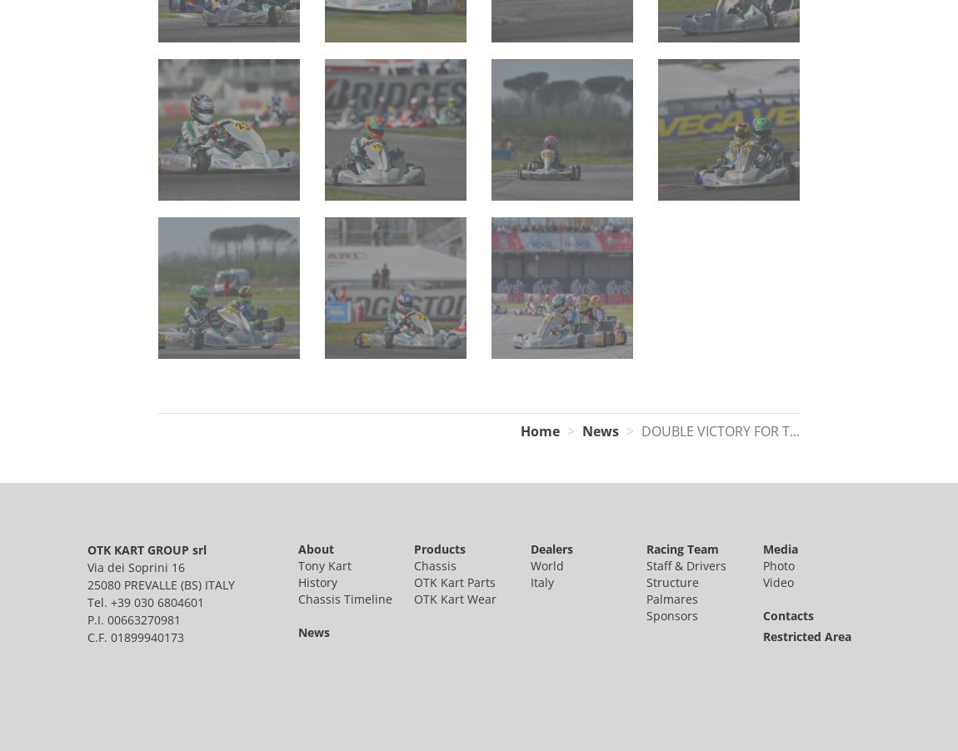 The width and height of the screenshot is (958, 751). I want to click on 'DOUBLE VICTORY FOR T...', so click(721, 430).